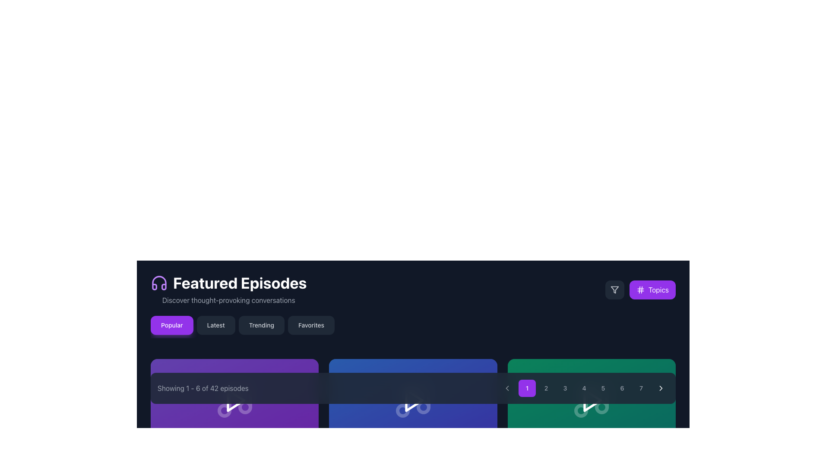  What do you see at coordinates (546, 387) in the screenshot?
I see `the circular button displaying the number '2'` at bounding box center [546, 387].